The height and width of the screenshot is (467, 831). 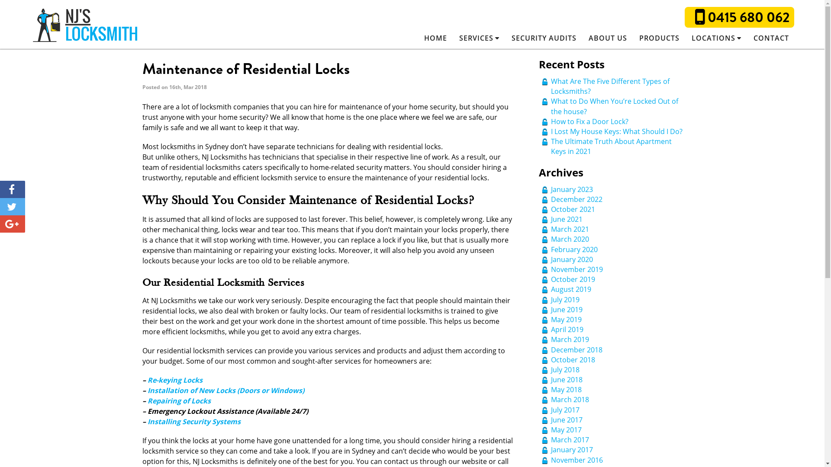 I want to click on 'SERVICES', so click(x=454, y=38).